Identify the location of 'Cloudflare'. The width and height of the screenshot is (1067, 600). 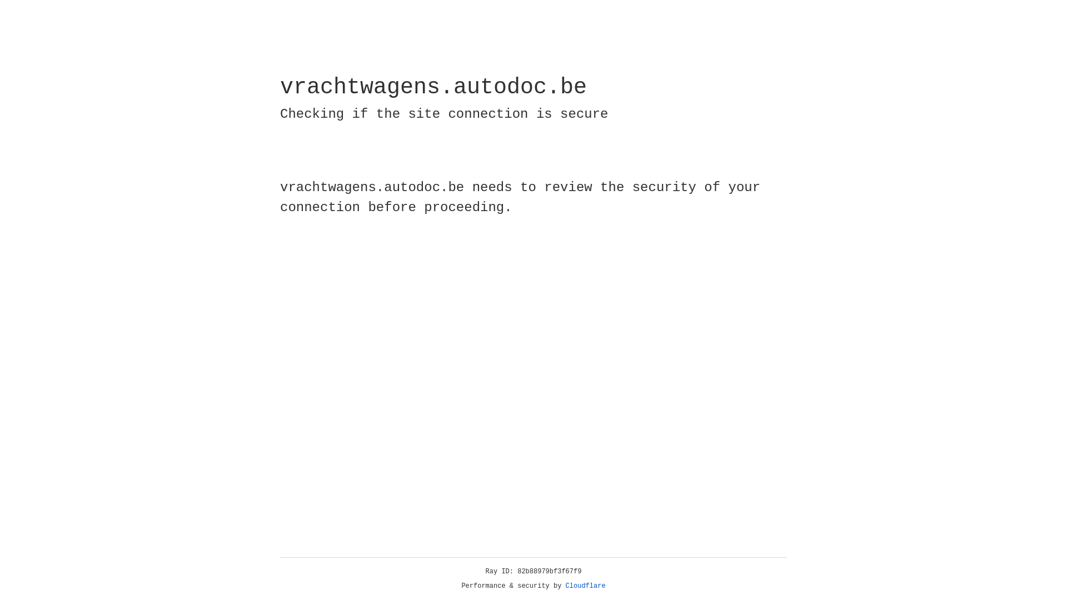
(585, 586).